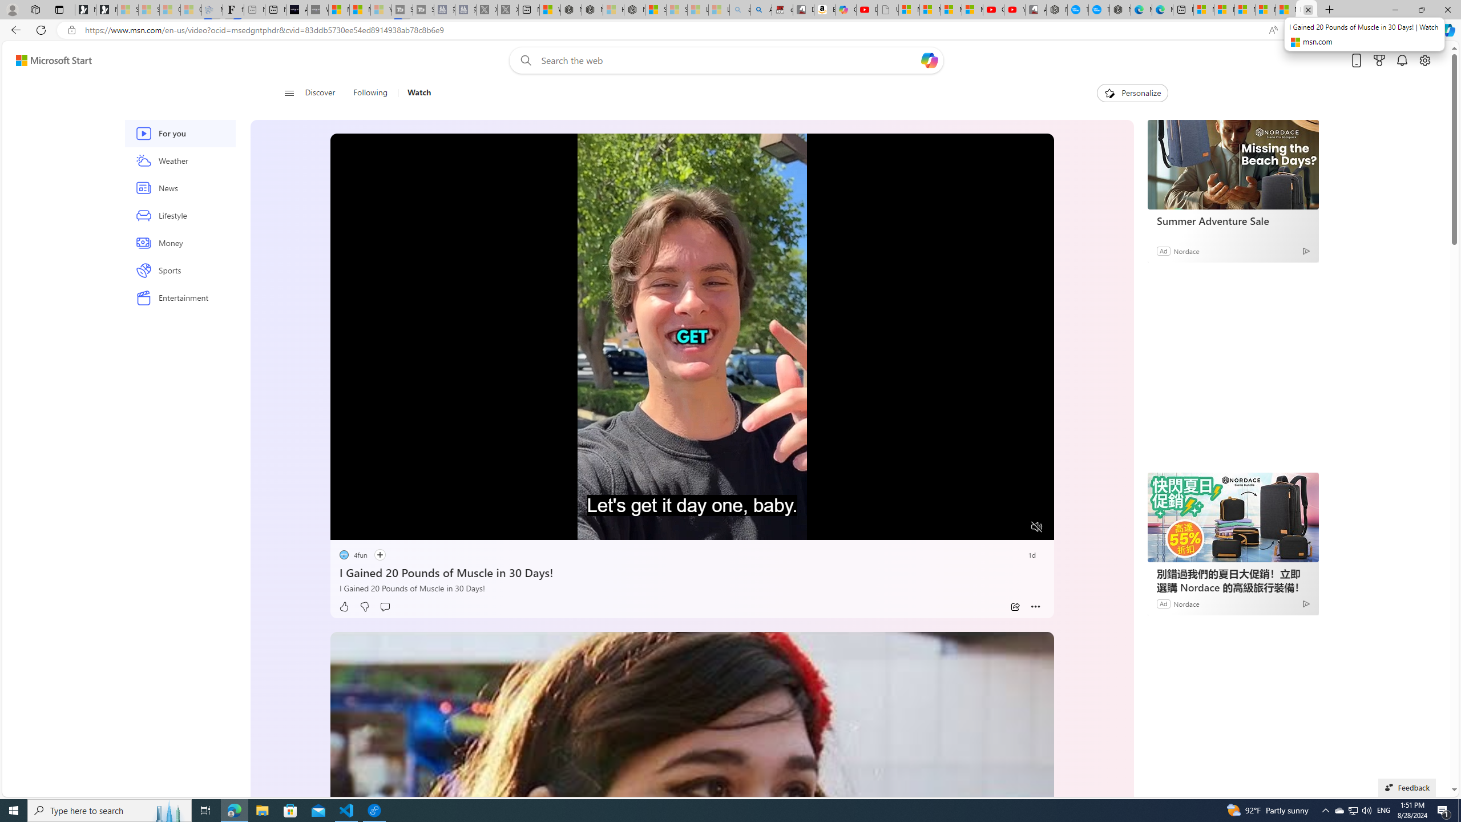  I want to click on 'Collections', so click(1373, 29).